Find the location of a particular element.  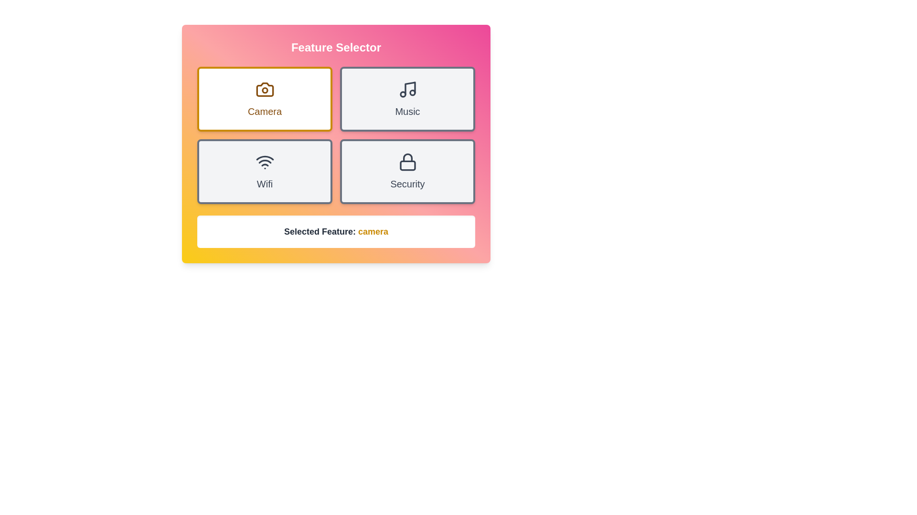

the text label displaying the word 'camera' in yellow color, part of the phrase 'Selected Feature: camera', which is centrally located in the bottom section of the interface is located at coordinates (373, 232).